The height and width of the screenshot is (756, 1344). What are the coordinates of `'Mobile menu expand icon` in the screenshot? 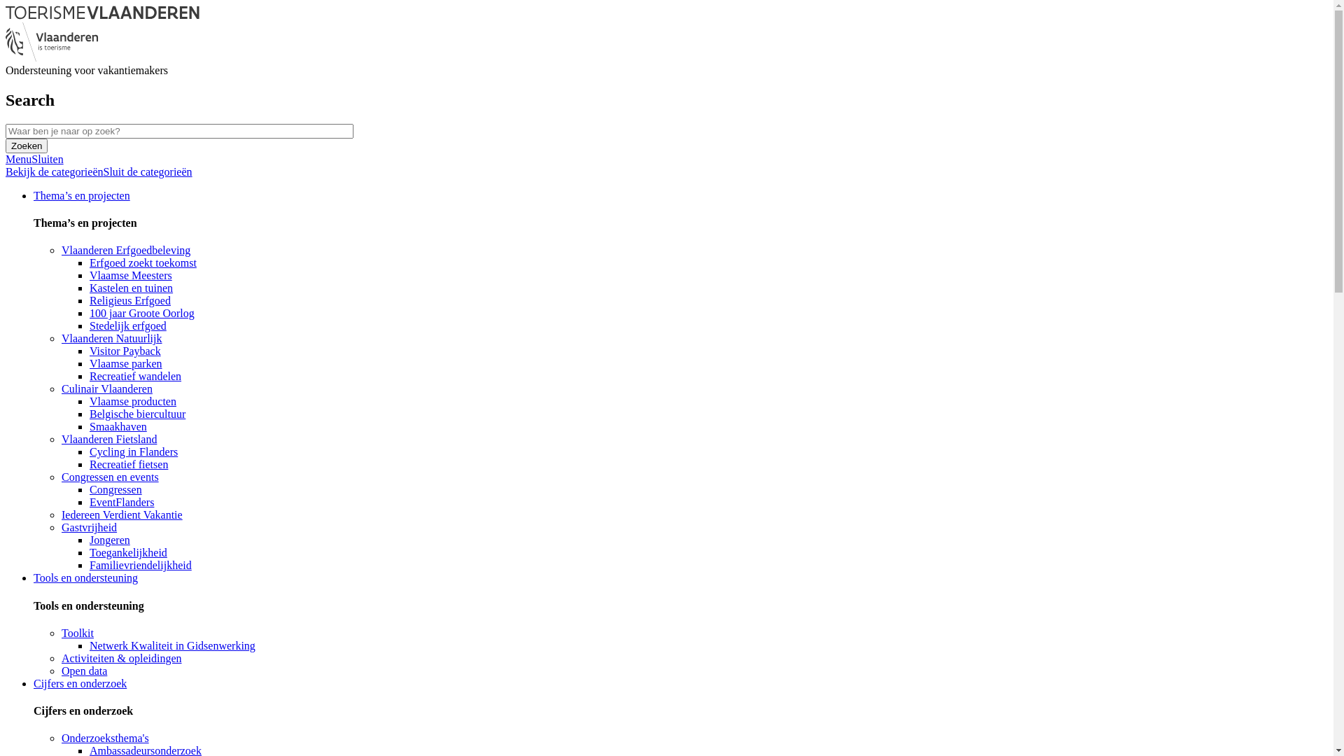 It's located at (34, 158).